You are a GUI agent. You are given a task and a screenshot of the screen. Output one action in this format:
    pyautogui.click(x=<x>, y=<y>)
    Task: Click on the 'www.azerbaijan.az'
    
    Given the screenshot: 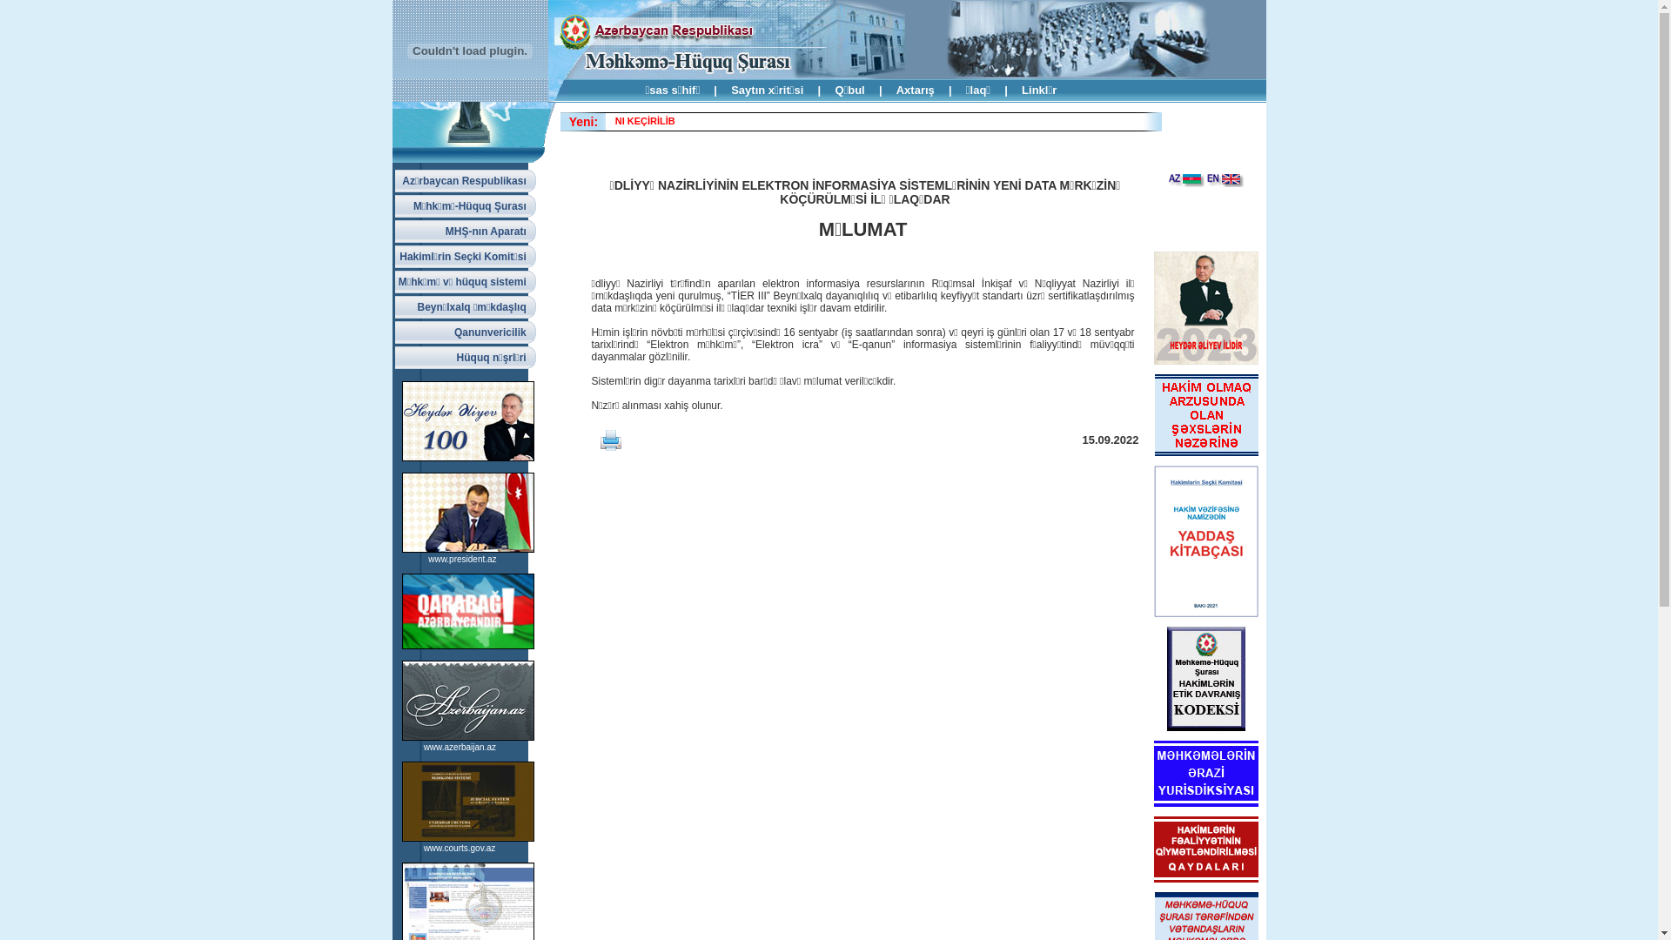 What is the action you would take?
    pyautogui.click(x=460, y=746)
    